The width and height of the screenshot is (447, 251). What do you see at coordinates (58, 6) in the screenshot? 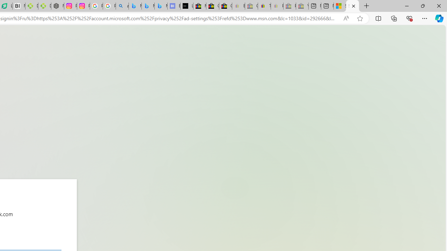
I see `'Nordace - Nordace Edin Collection'` at bounding box center [58, 6].